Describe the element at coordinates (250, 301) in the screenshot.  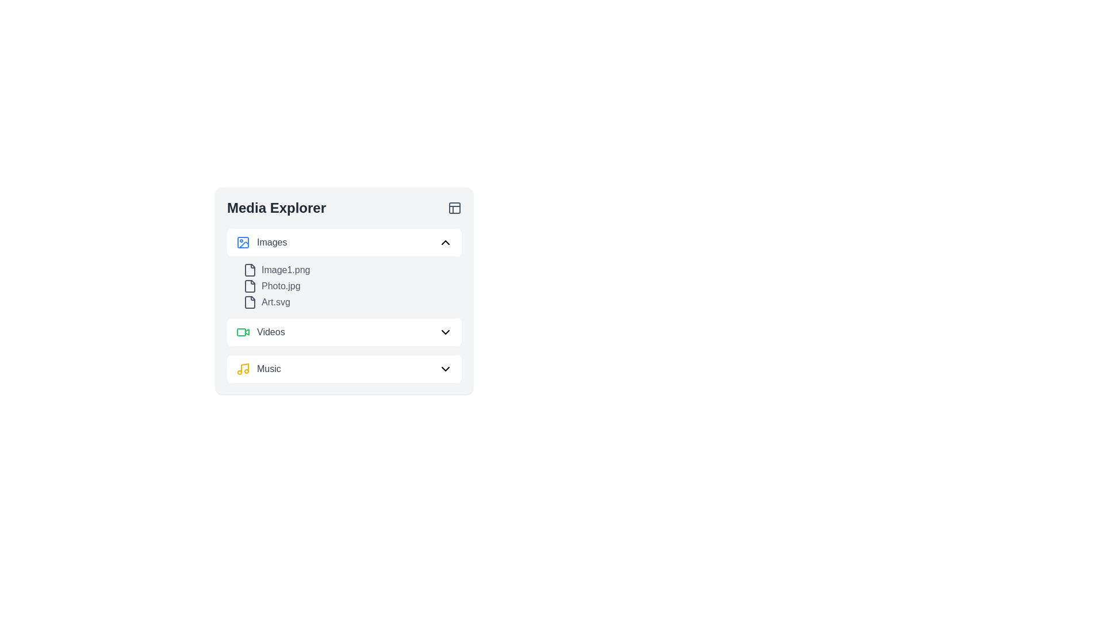
I see `the document-style icon preceding the 'Art.svg' text in the 'Media Explorer' interface` at that location.